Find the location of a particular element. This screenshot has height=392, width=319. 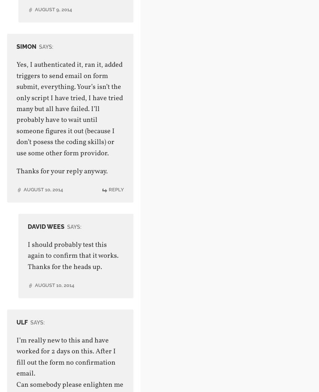

'SImon' is located at coordinates (26, 46).